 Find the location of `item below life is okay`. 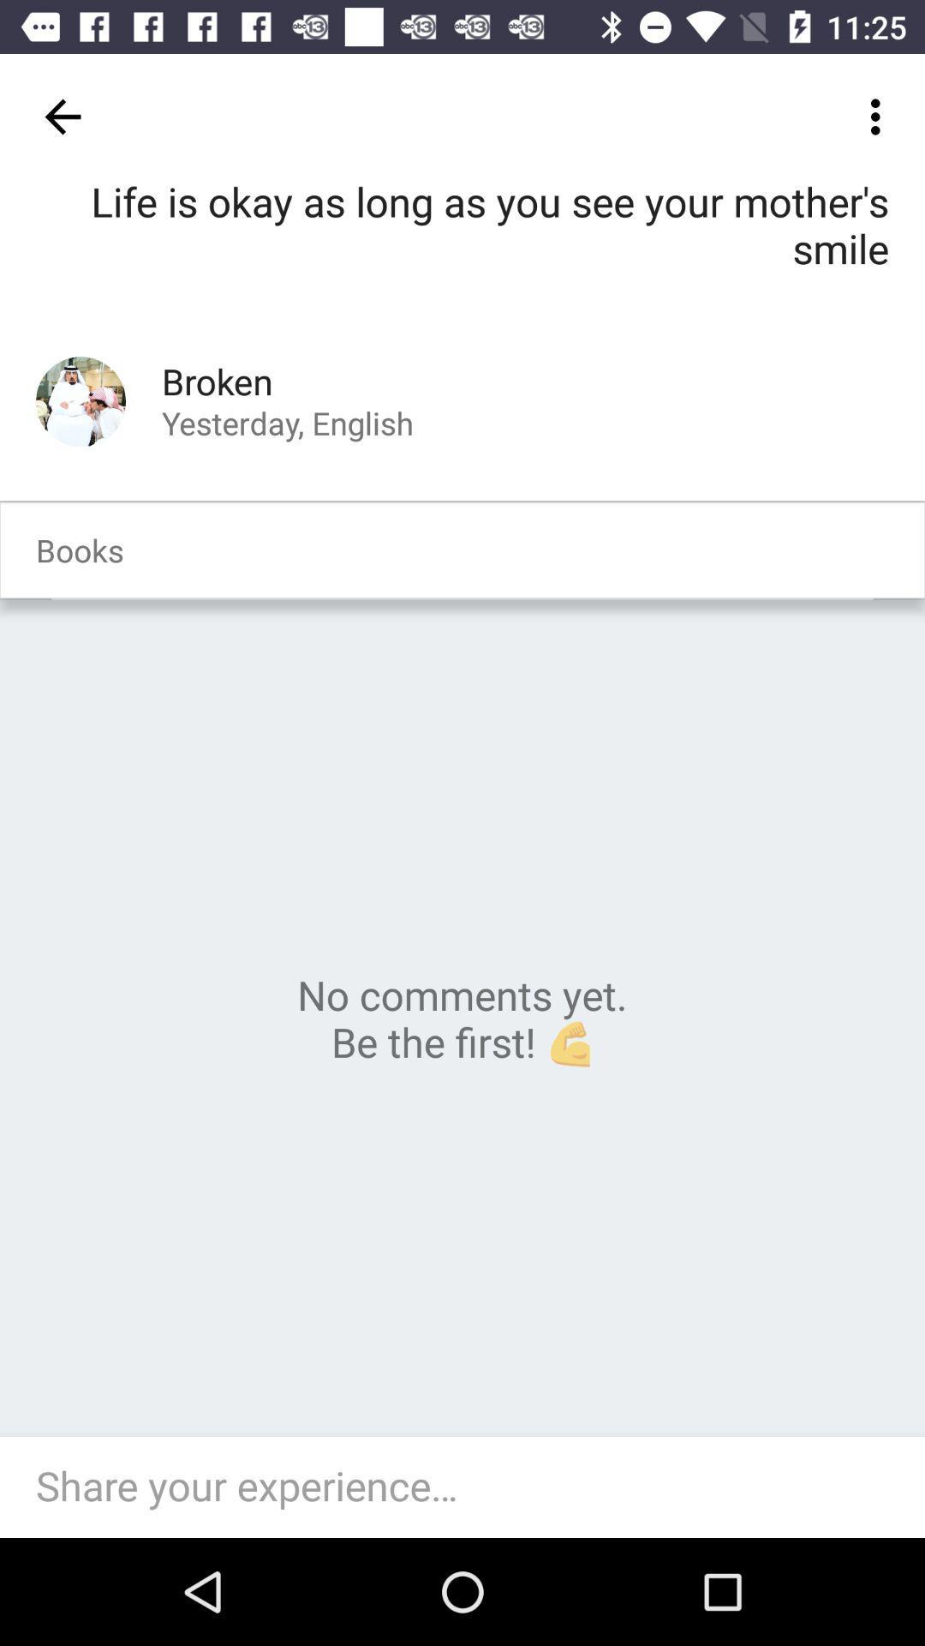

item below life is okay is located at coordinates (81, 400).